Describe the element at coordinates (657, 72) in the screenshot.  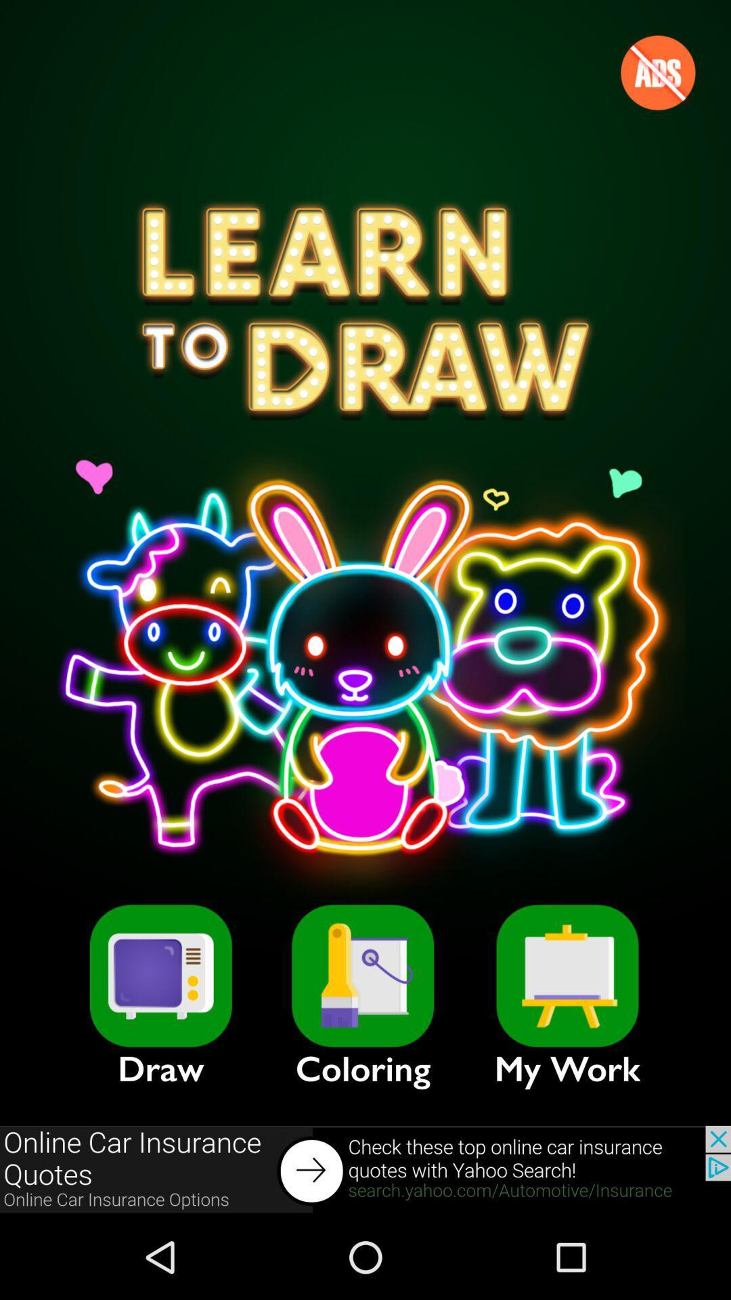
I see `no advertisement` at that location.